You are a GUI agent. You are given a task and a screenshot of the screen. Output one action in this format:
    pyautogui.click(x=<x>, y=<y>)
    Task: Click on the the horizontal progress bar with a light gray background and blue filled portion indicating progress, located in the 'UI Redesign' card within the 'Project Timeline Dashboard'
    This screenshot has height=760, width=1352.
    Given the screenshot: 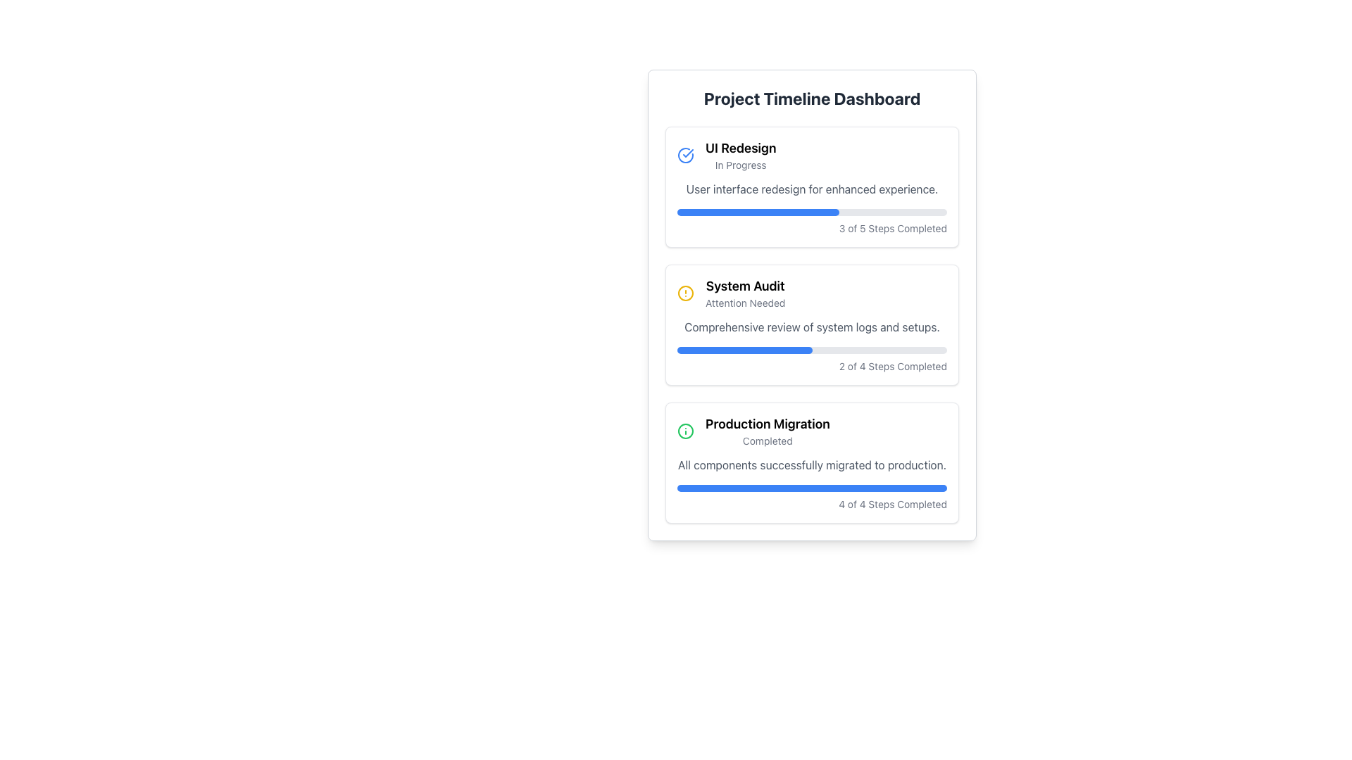 What is the action you would take?
    pyautogui.click(x=812, y=212)
    